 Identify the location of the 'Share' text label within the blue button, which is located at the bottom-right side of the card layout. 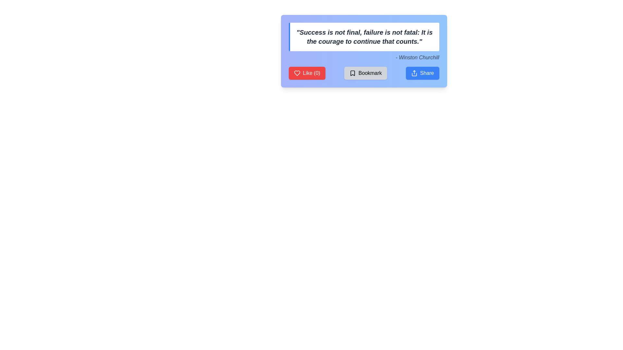
(427, 73).